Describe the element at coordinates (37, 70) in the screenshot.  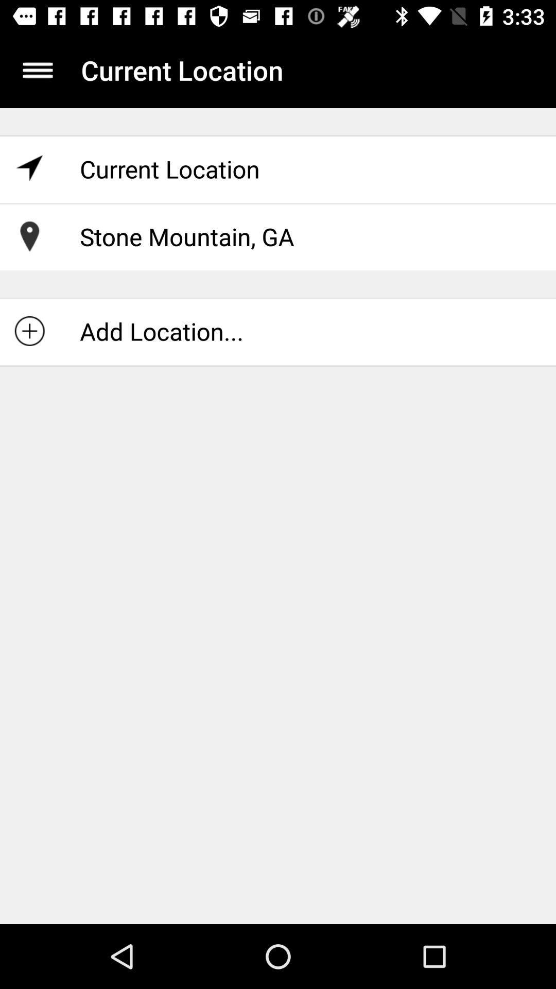
I see `the menu icon` at that location.